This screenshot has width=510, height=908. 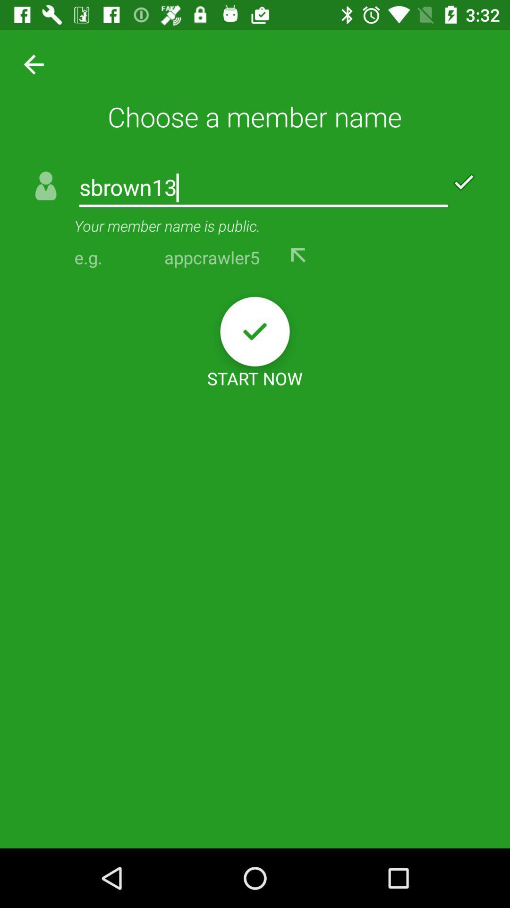 What do you see at coordinates (47, 188) in the screenshot?
I see `the icon beside sbrown13` at bounding box center [47, 188].